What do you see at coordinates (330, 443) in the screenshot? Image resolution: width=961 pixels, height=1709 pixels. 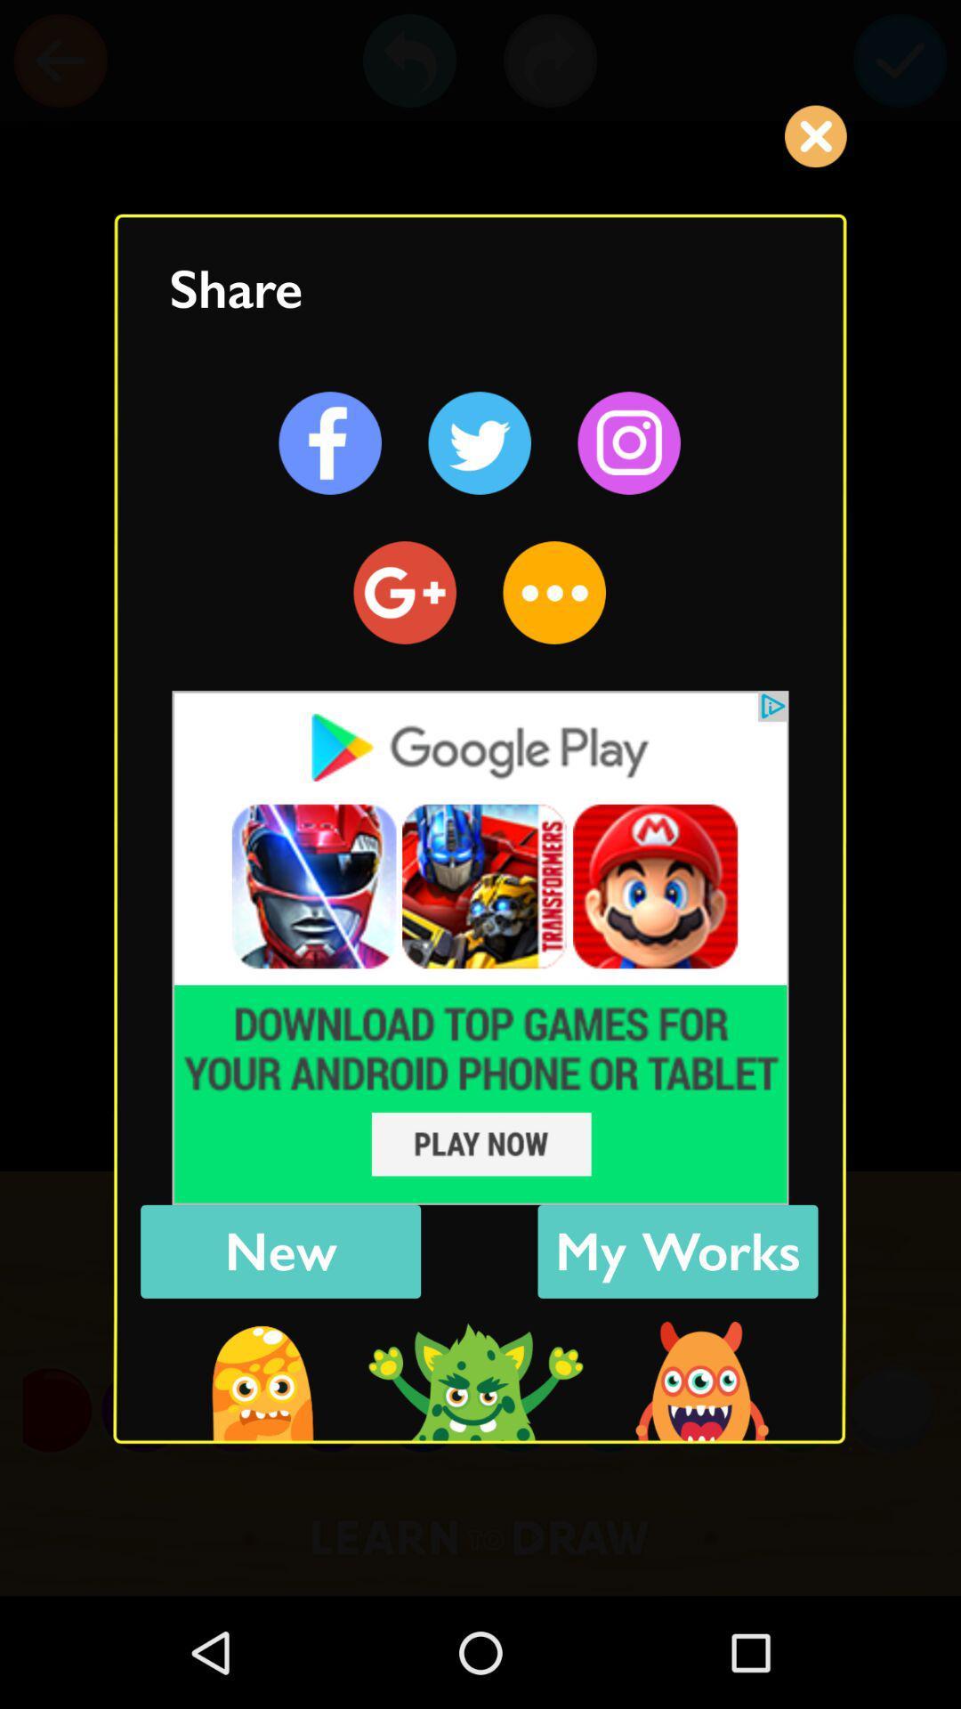 I see `the facebook icon` at bounding box center [330, 443].